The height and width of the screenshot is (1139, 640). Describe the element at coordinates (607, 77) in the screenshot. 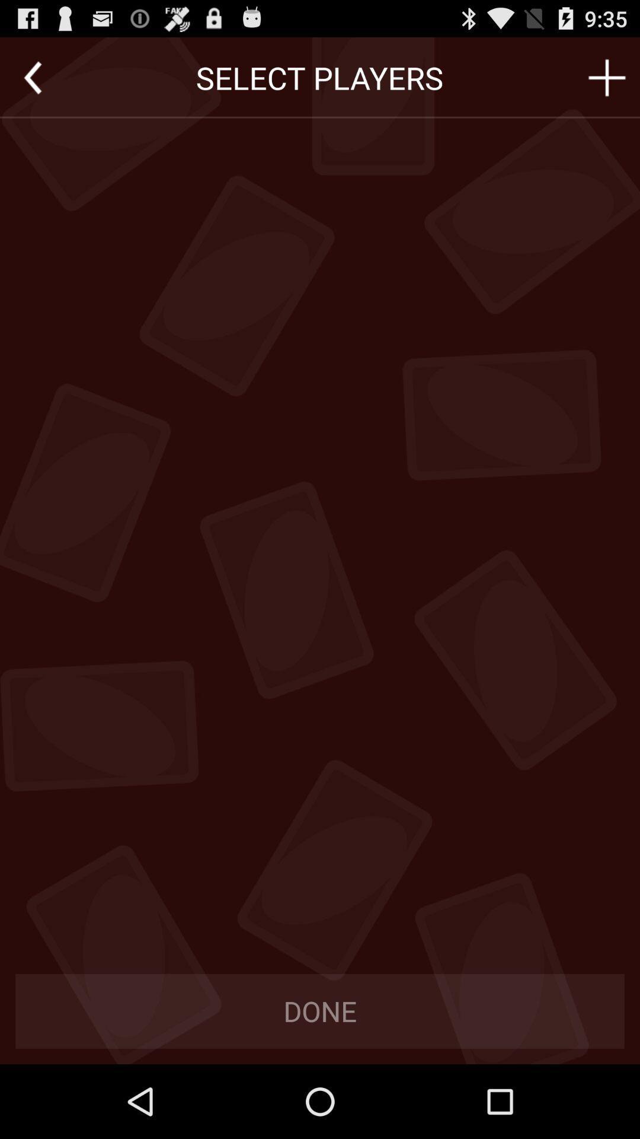

I see `to add option` at that location.